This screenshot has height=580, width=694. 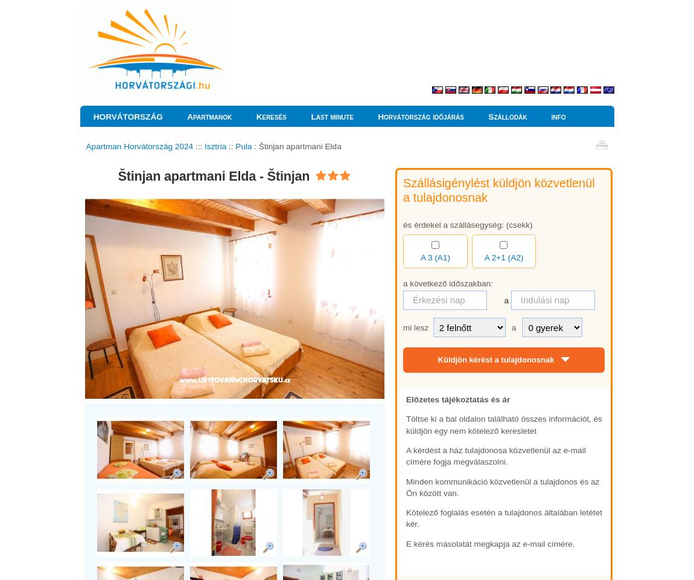 I want to click on 'HORVÁTORSZÁG', so click(x=127, y=117).